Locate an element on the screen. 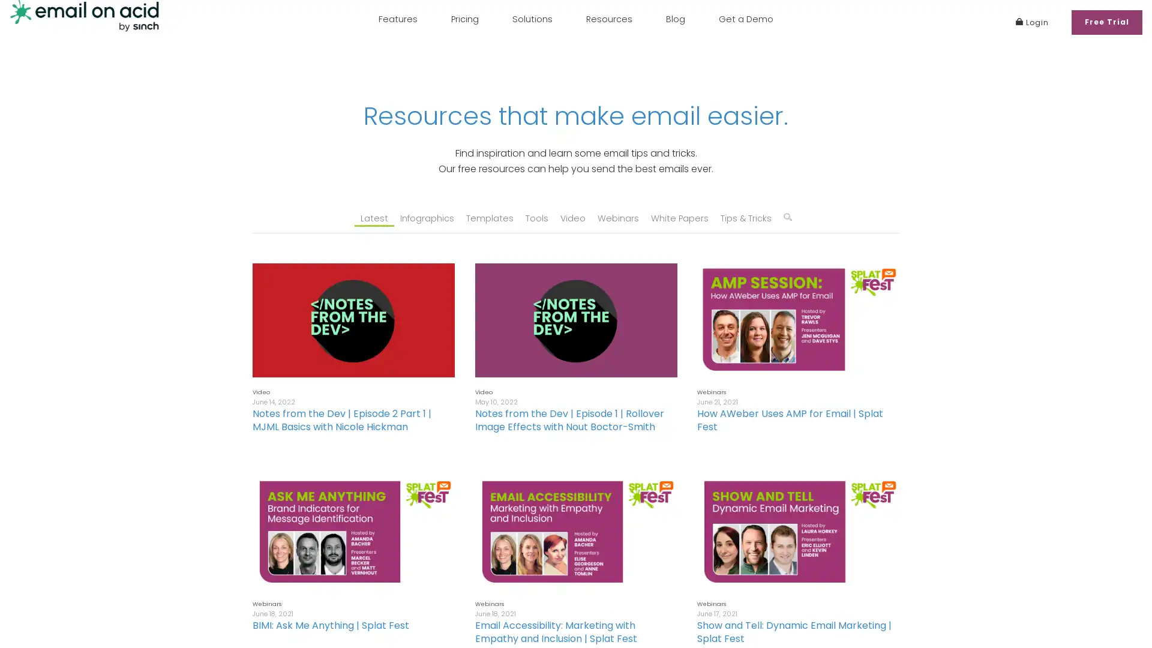 Image resolution: width=1152 pixels, height=648 pixels. q is located at coordinates (787, 218).